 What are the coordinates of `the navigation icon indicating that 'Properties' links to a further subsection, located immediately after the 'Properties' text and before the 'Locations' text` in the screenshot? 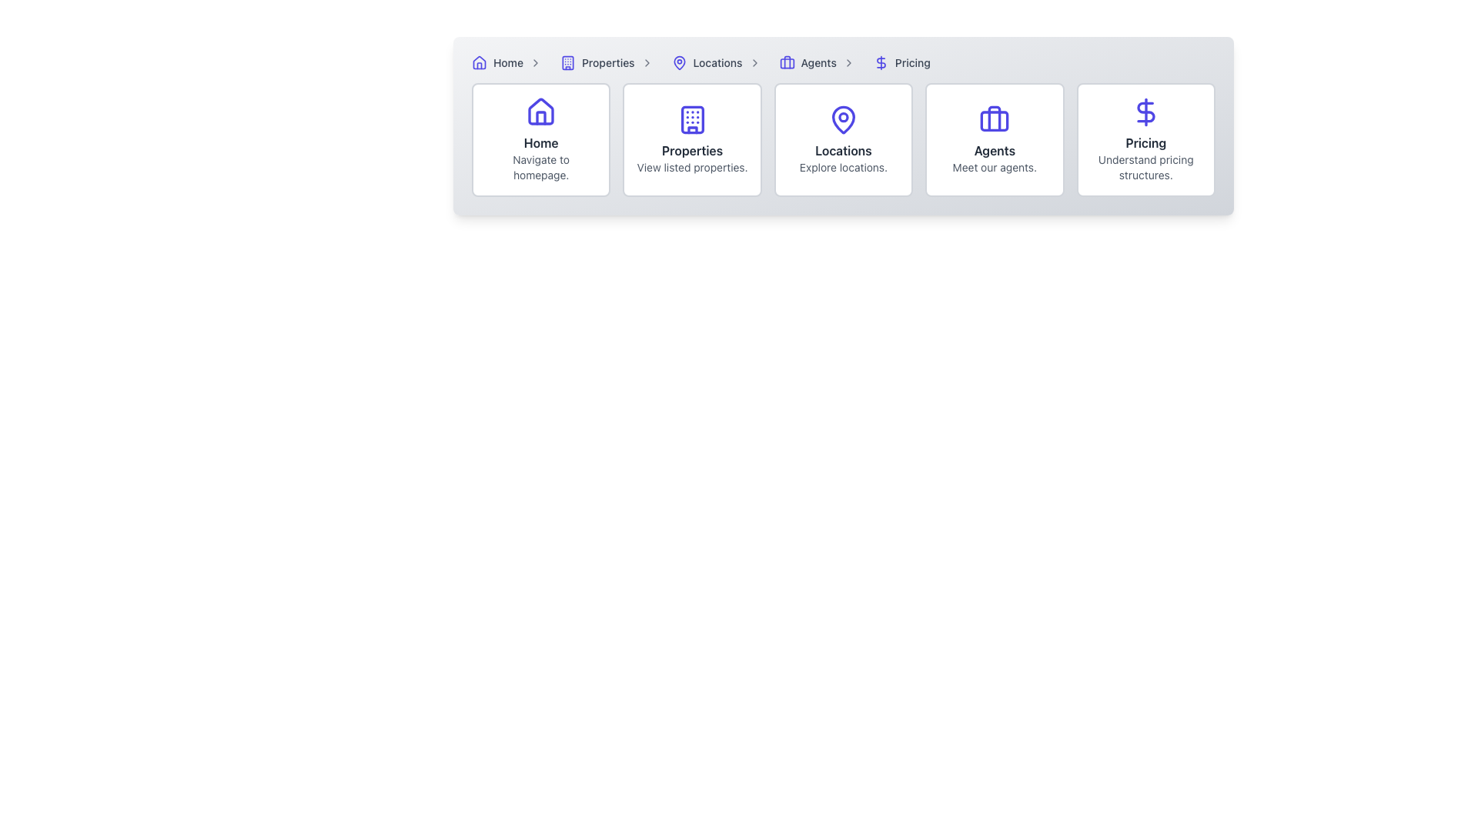 It's located at (647, 62).